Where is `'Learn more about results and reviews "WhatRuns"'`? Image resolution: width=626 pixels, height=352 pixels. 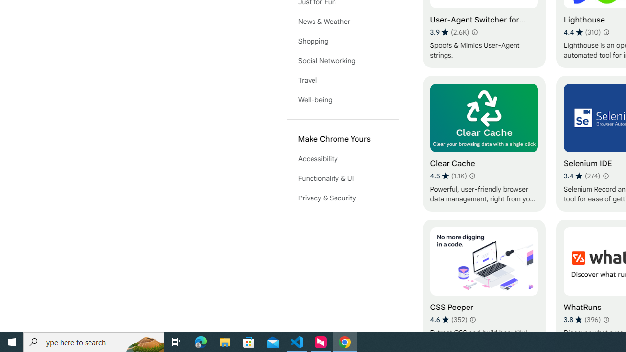
'Learn more about results and reviews "WhatRuns"' is located at coordinates (605, 320).